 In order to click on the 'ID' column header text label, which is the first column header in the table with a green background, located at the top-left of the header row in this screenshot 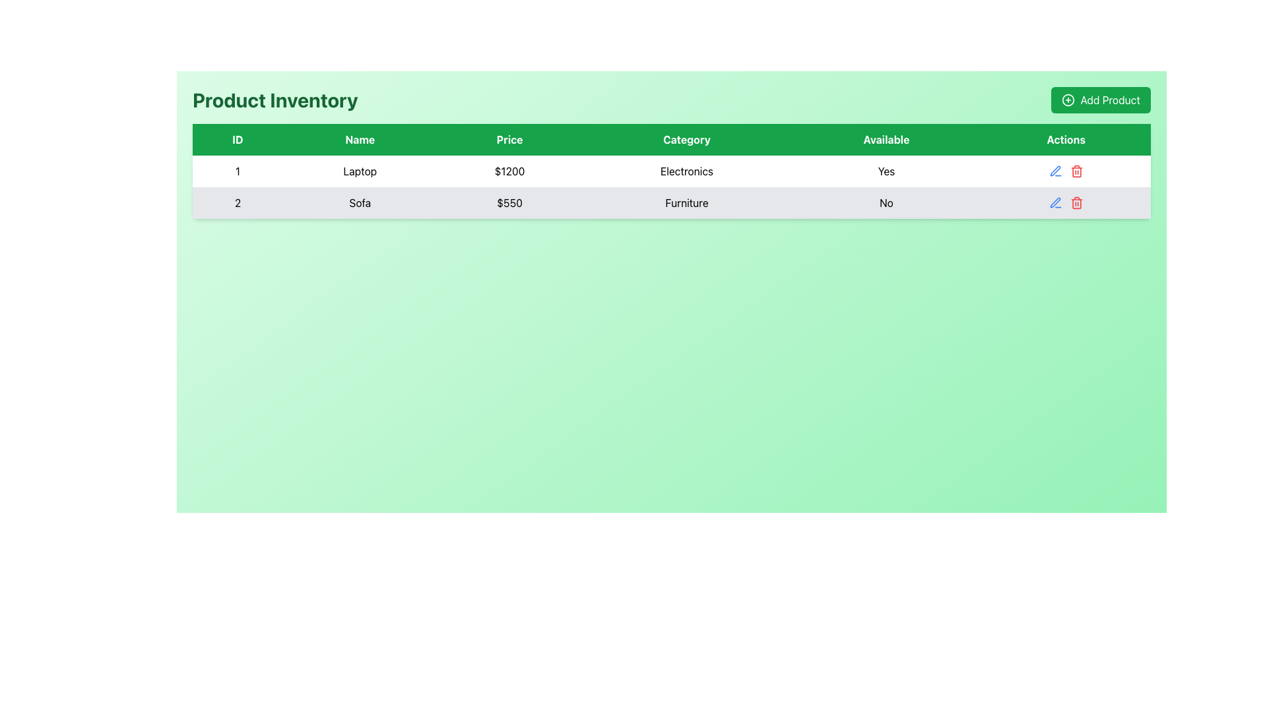, I will do `click(238, 140)`.